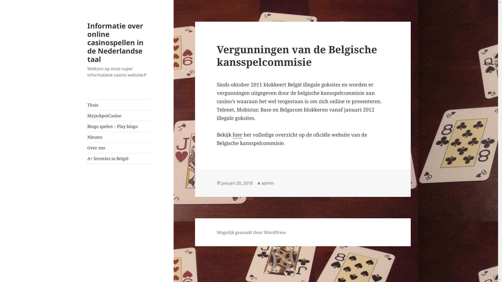 The height and width of the screenshot is (282, 502). What do you see at coordinates (119, 137) in the screenshot?
I see `'Nieuws'` at bounding box center [119, 137].